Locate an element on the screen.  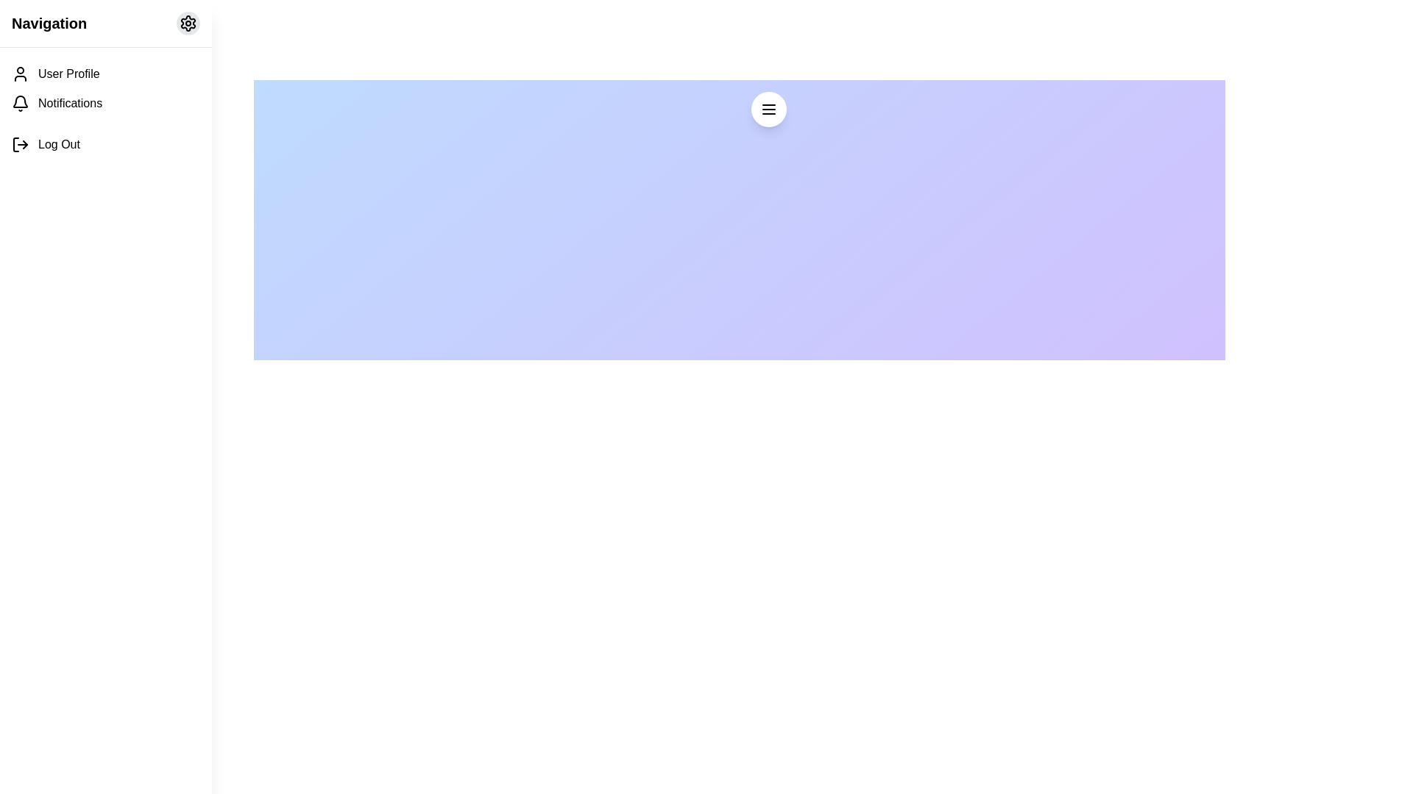
the menu button located at the top-center-right of the interface is located at coordinates (768, 109).